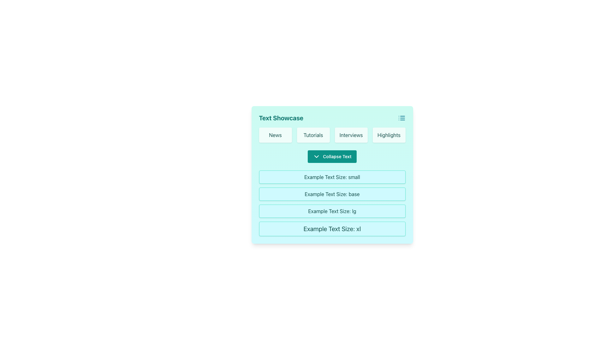  What do you see at coordinates (332, 175) in the screenshot?
I see `the Informational Text Block displaying 'Example Text Size: small'` at bounding box center [332, 175].